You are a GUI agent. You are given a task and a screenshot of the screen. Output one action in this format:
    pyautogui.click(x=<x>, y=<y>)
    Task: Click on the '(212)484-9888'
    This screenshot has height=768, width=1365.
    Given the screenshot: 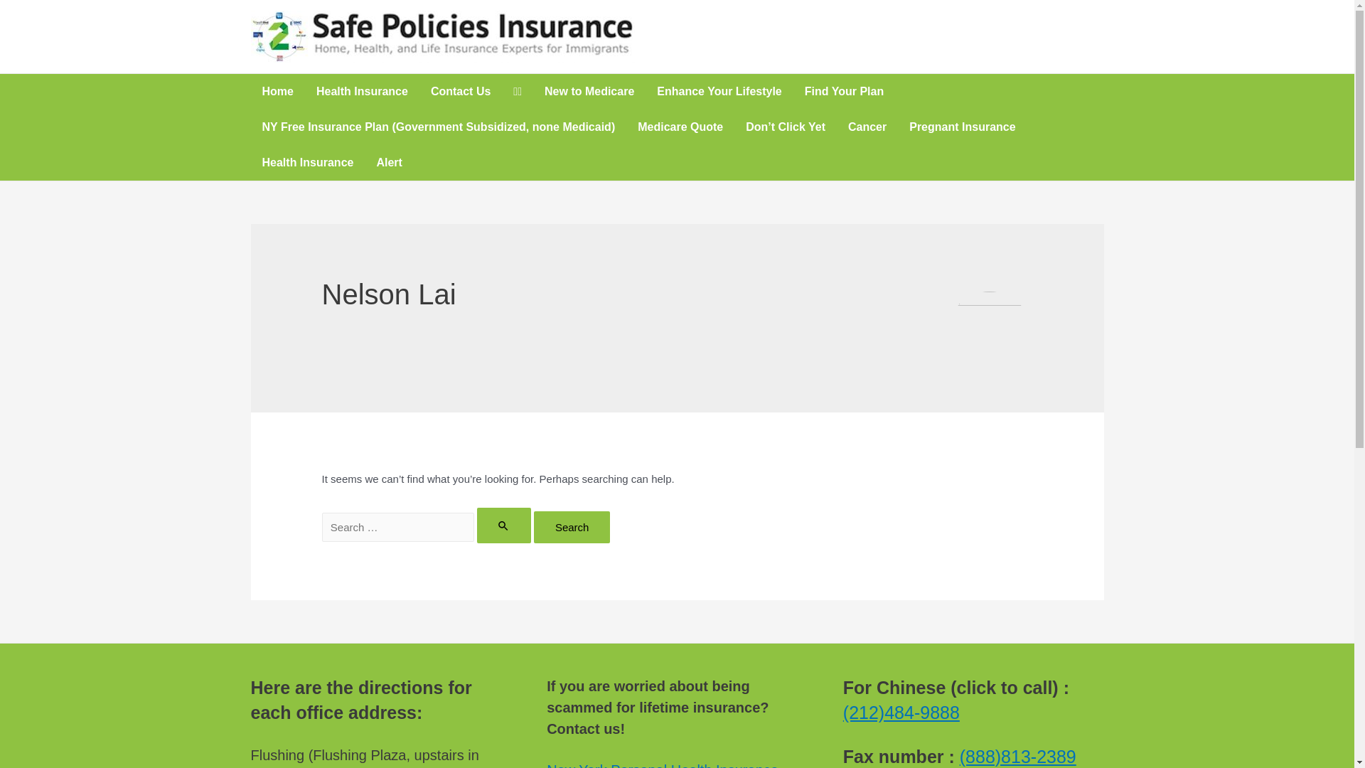 What is the action you would take?
    pyautogui.click(x=900, y=713)
    